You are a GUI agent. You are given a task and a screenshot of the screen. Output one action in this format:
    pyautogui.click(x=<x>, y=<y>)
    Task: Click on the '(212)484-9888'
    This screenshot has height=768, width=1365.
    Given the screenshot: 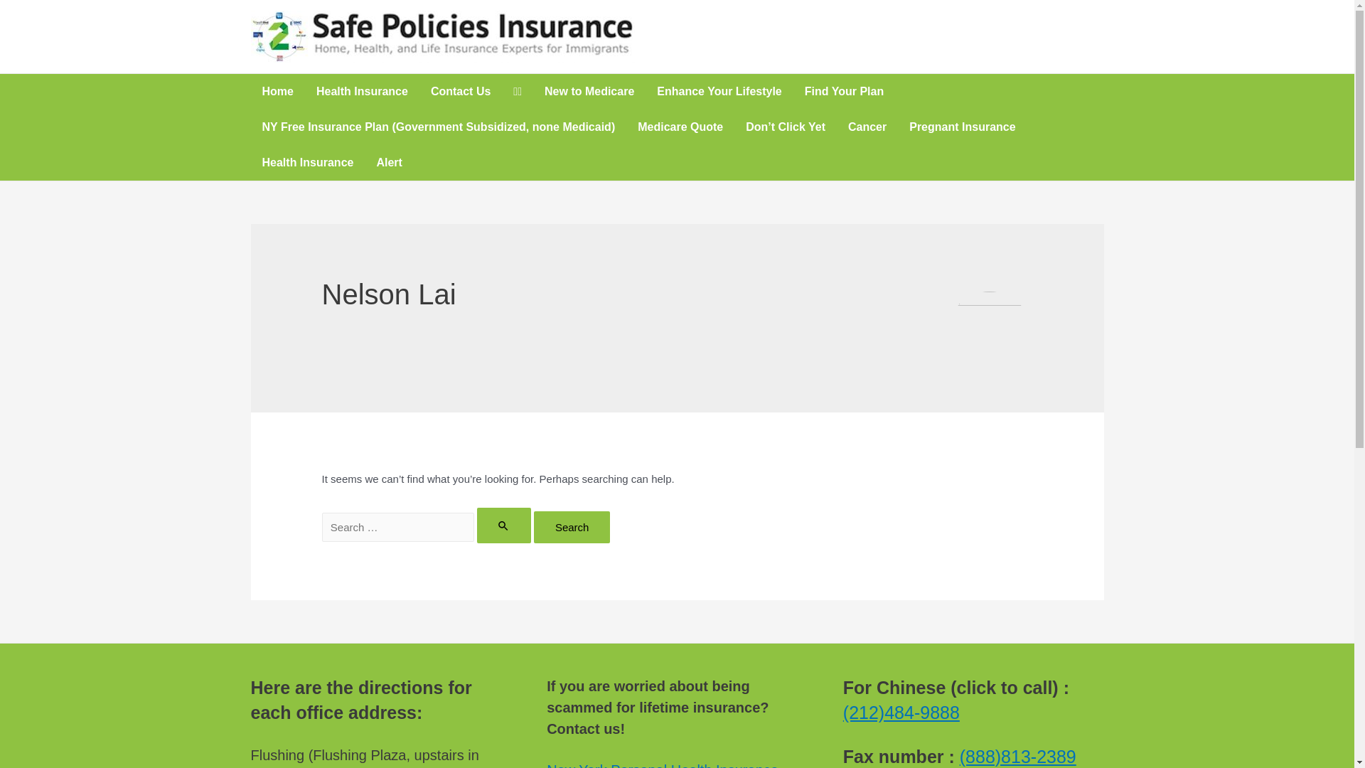 What is the action you would take?
    pyautogui.click(x=900, y=713)
    